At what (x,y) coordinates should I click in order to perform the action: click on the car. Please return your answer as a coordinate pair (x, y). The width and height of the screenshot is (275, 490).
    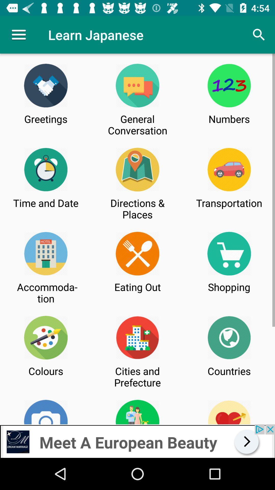
    Looking at the image, I should click on (229, 169).